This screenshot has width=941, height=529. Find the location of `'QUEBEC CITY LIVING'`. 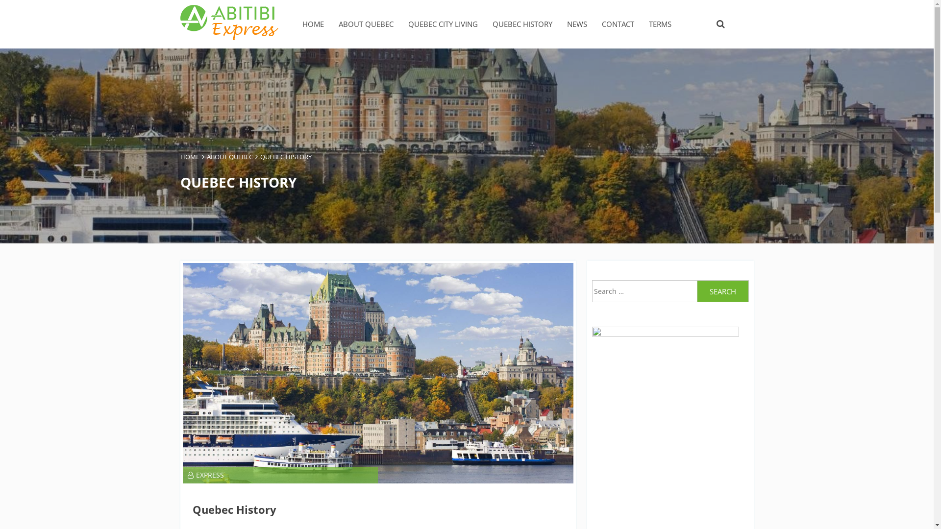

'QUEBEC CITY LIVING' is located at coordinates (442, 24).